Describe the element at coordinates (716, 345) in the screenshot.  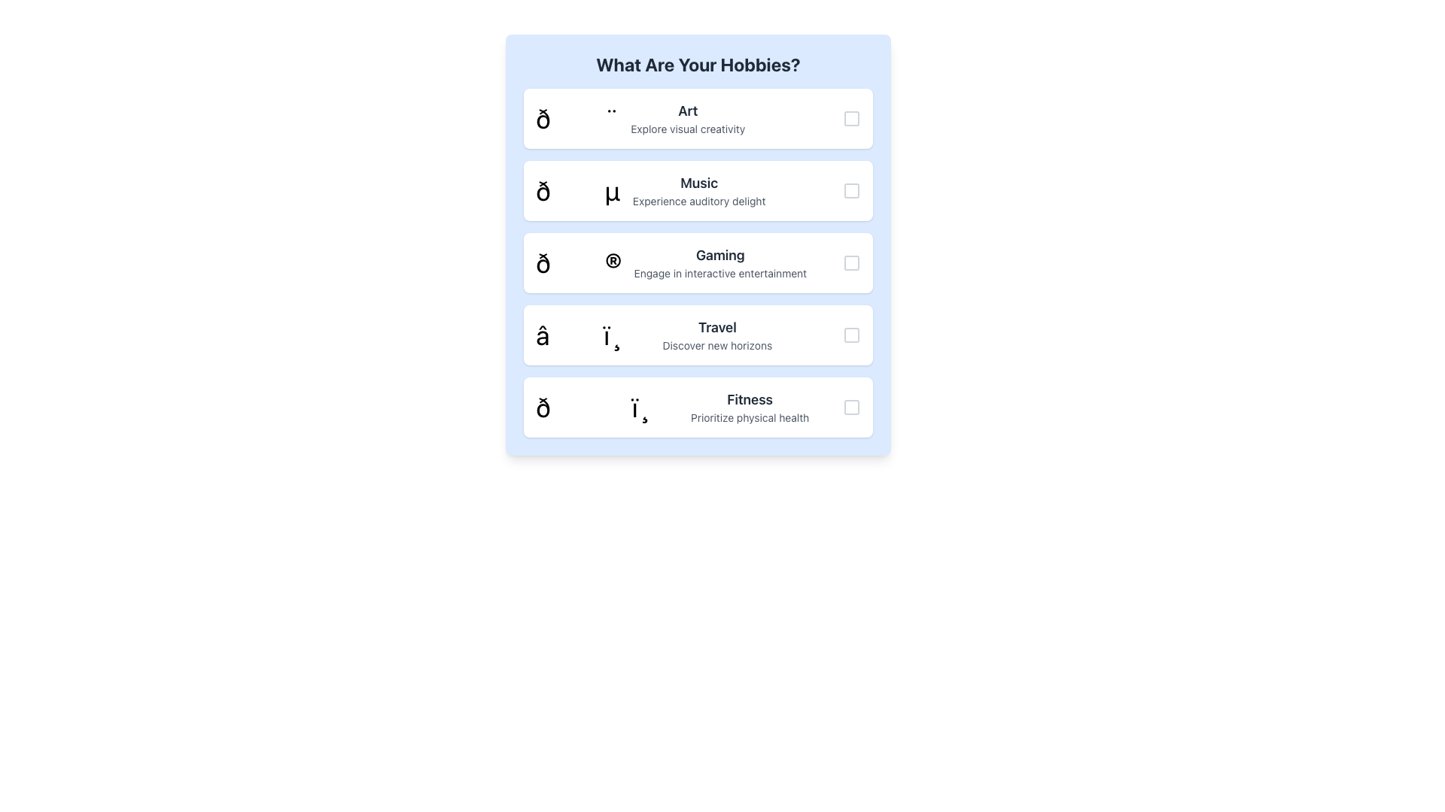
I see `the text label displaying 'Discover new horizons', located under the 'Travel' heading in the fourth card of the hobby category list, for accessibility-related features` at that location.